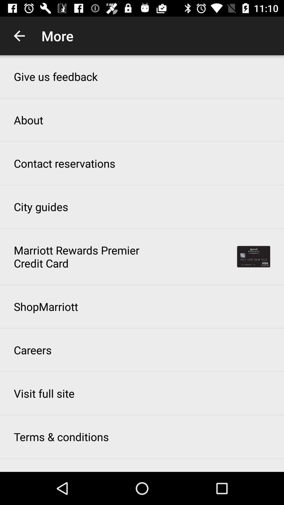 The height and width of the screenshot is (505, 284). I want to click on the marriott rewards premier icon, so click(80, 256).